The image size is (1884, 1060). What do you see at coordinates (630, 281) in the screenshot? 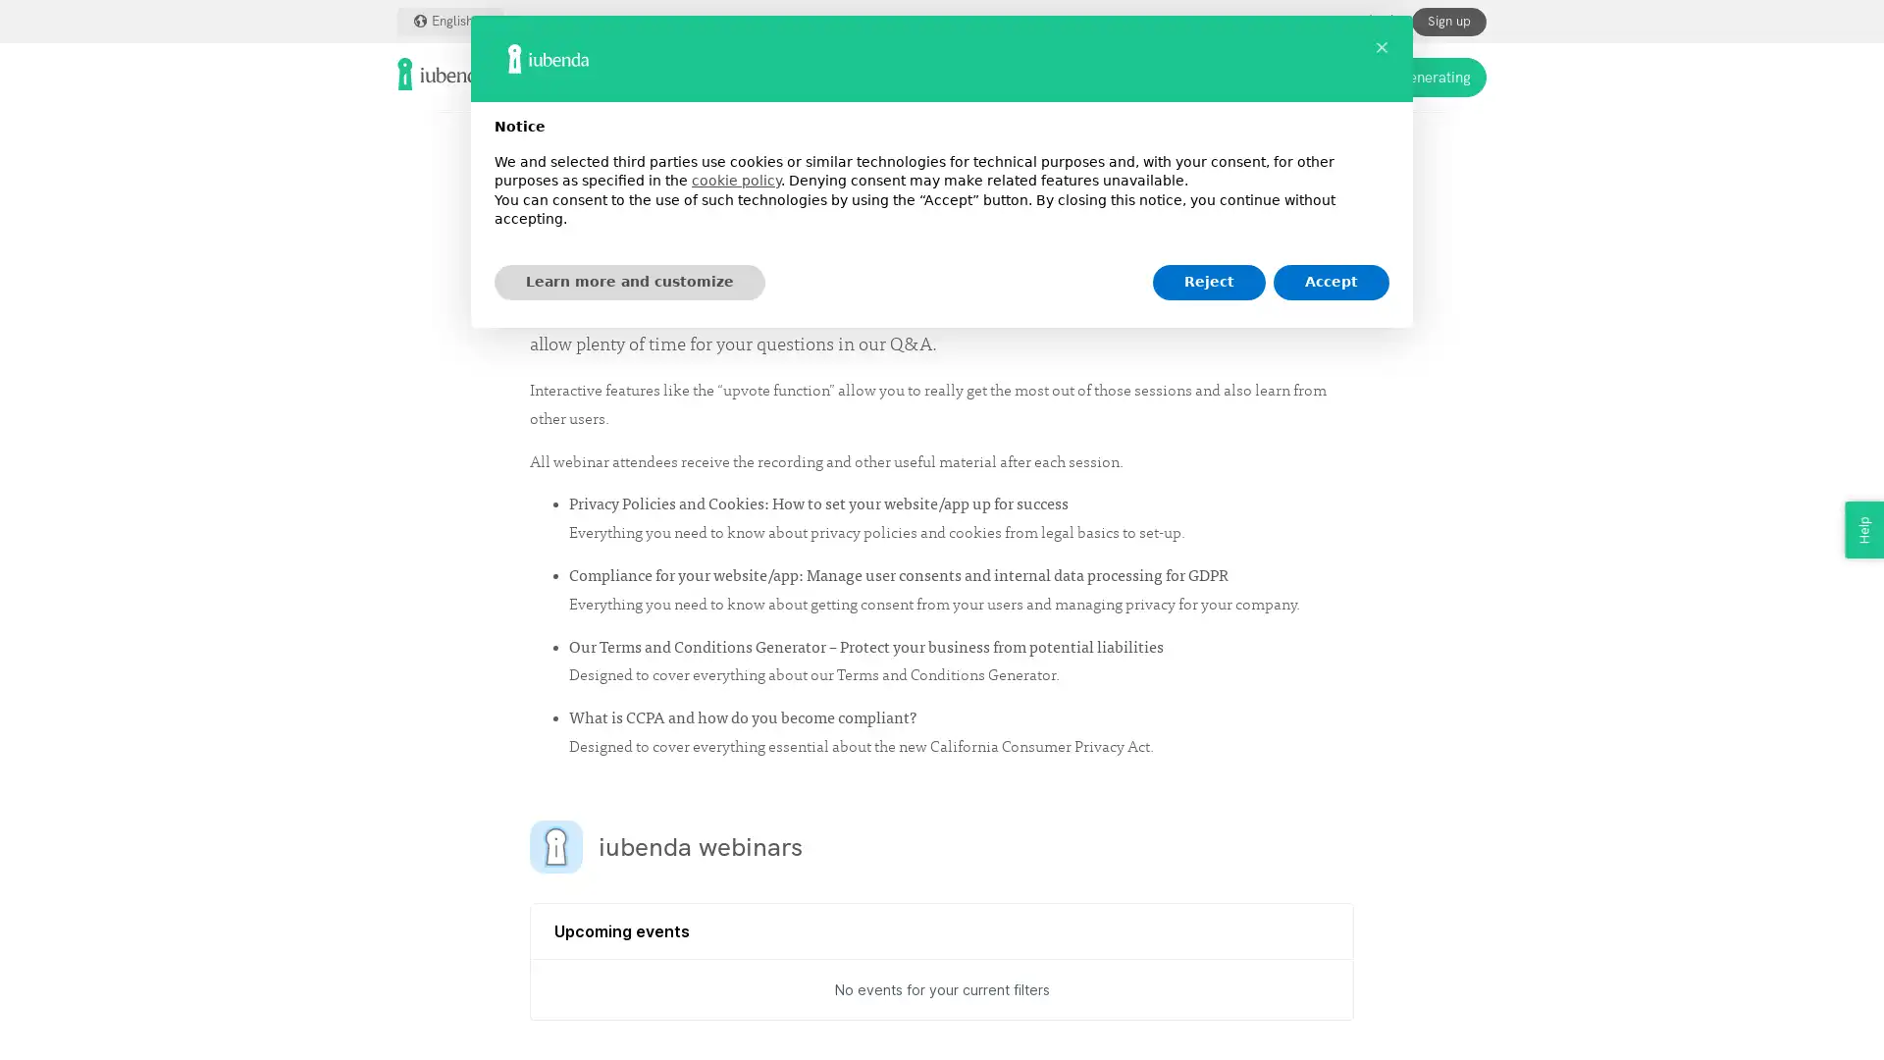
I see `Learn more and customize` at bounding box center [630, 281].